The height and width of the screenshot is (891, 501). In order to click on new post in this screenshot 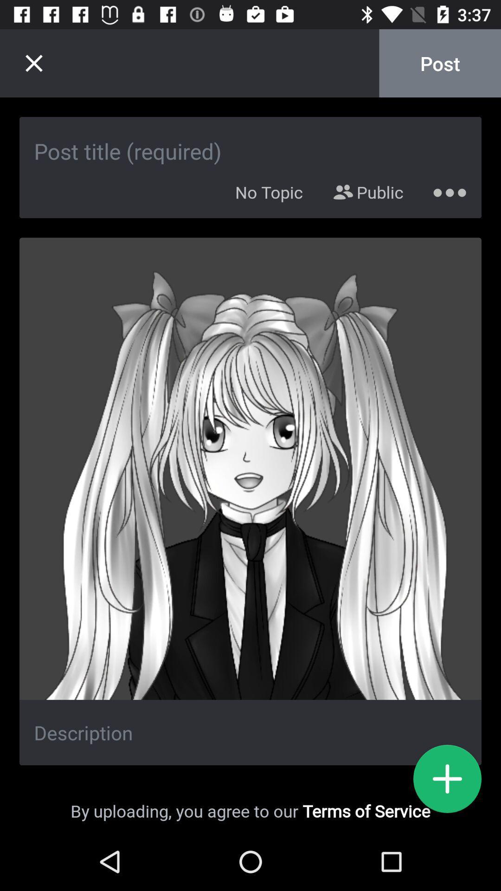, I will do `click(447, 779)`.